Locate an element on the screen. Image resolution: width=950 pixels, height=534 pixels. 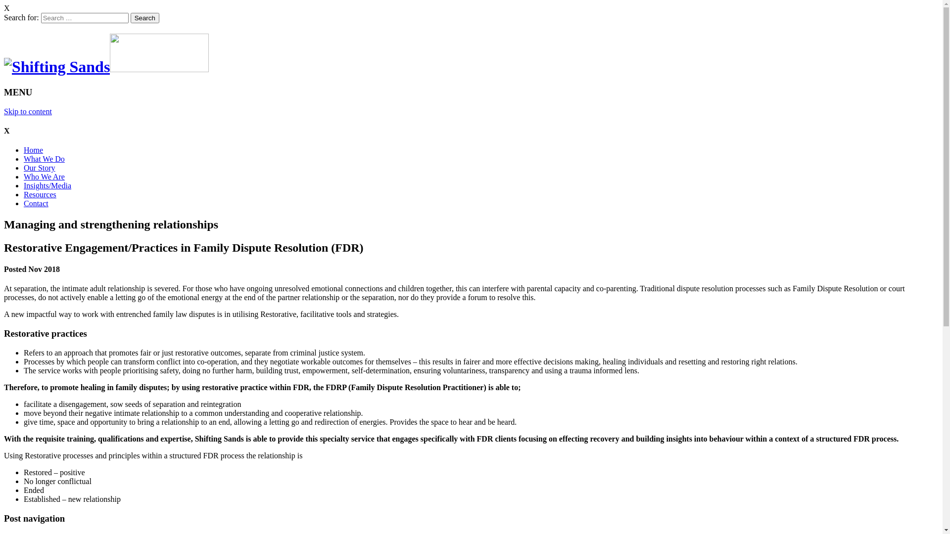
'Contact' is located at coordinates (36, 203).